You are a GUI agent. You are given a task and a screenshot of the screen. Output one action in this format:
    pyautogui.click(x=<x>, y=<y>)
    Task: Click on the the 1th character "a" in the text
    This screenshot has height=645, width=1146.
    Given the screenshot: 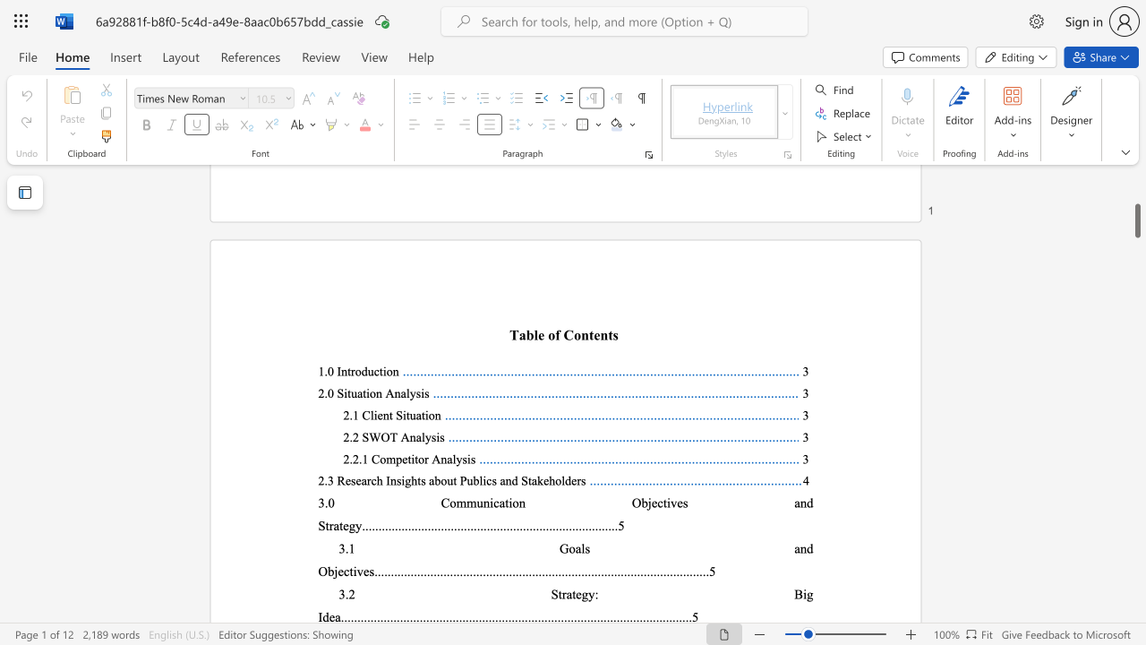 What is the action you would take?
    pyautogui.click(x=501, y=503)
    